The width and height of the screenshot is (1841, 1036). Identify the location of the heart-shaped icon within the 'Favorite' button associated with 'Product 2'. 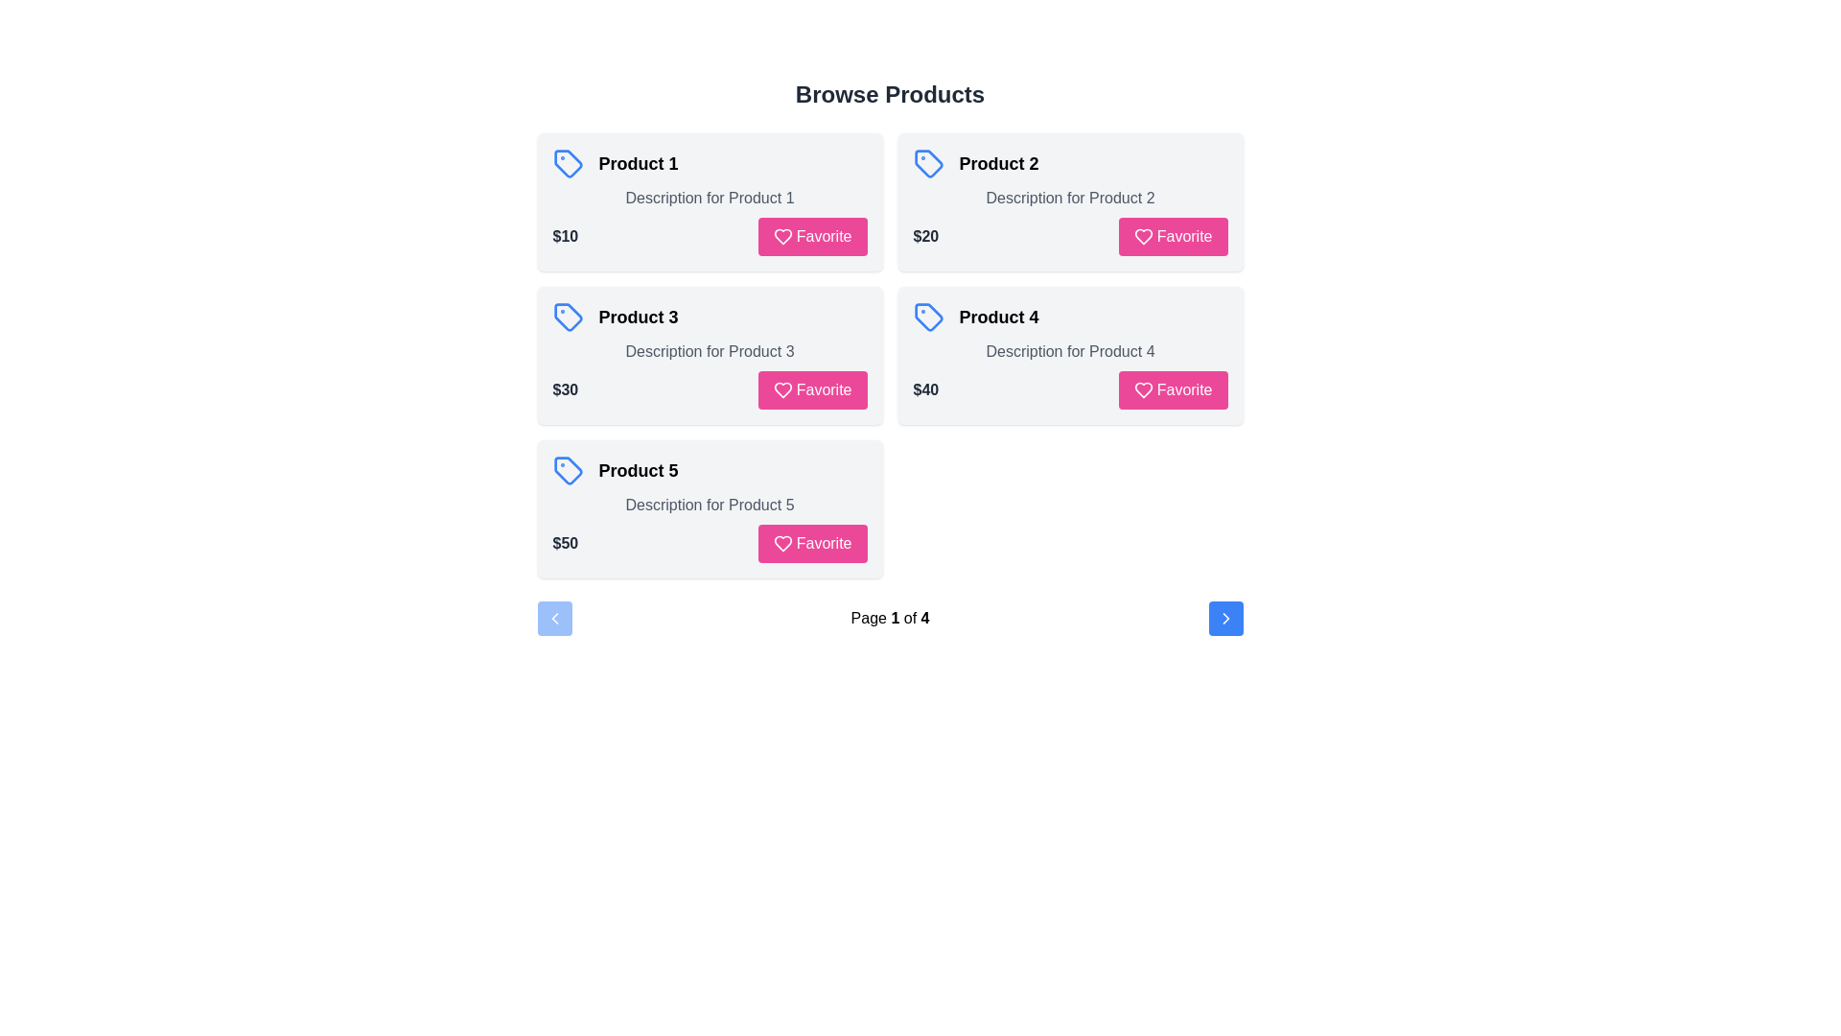
(1143, 235).